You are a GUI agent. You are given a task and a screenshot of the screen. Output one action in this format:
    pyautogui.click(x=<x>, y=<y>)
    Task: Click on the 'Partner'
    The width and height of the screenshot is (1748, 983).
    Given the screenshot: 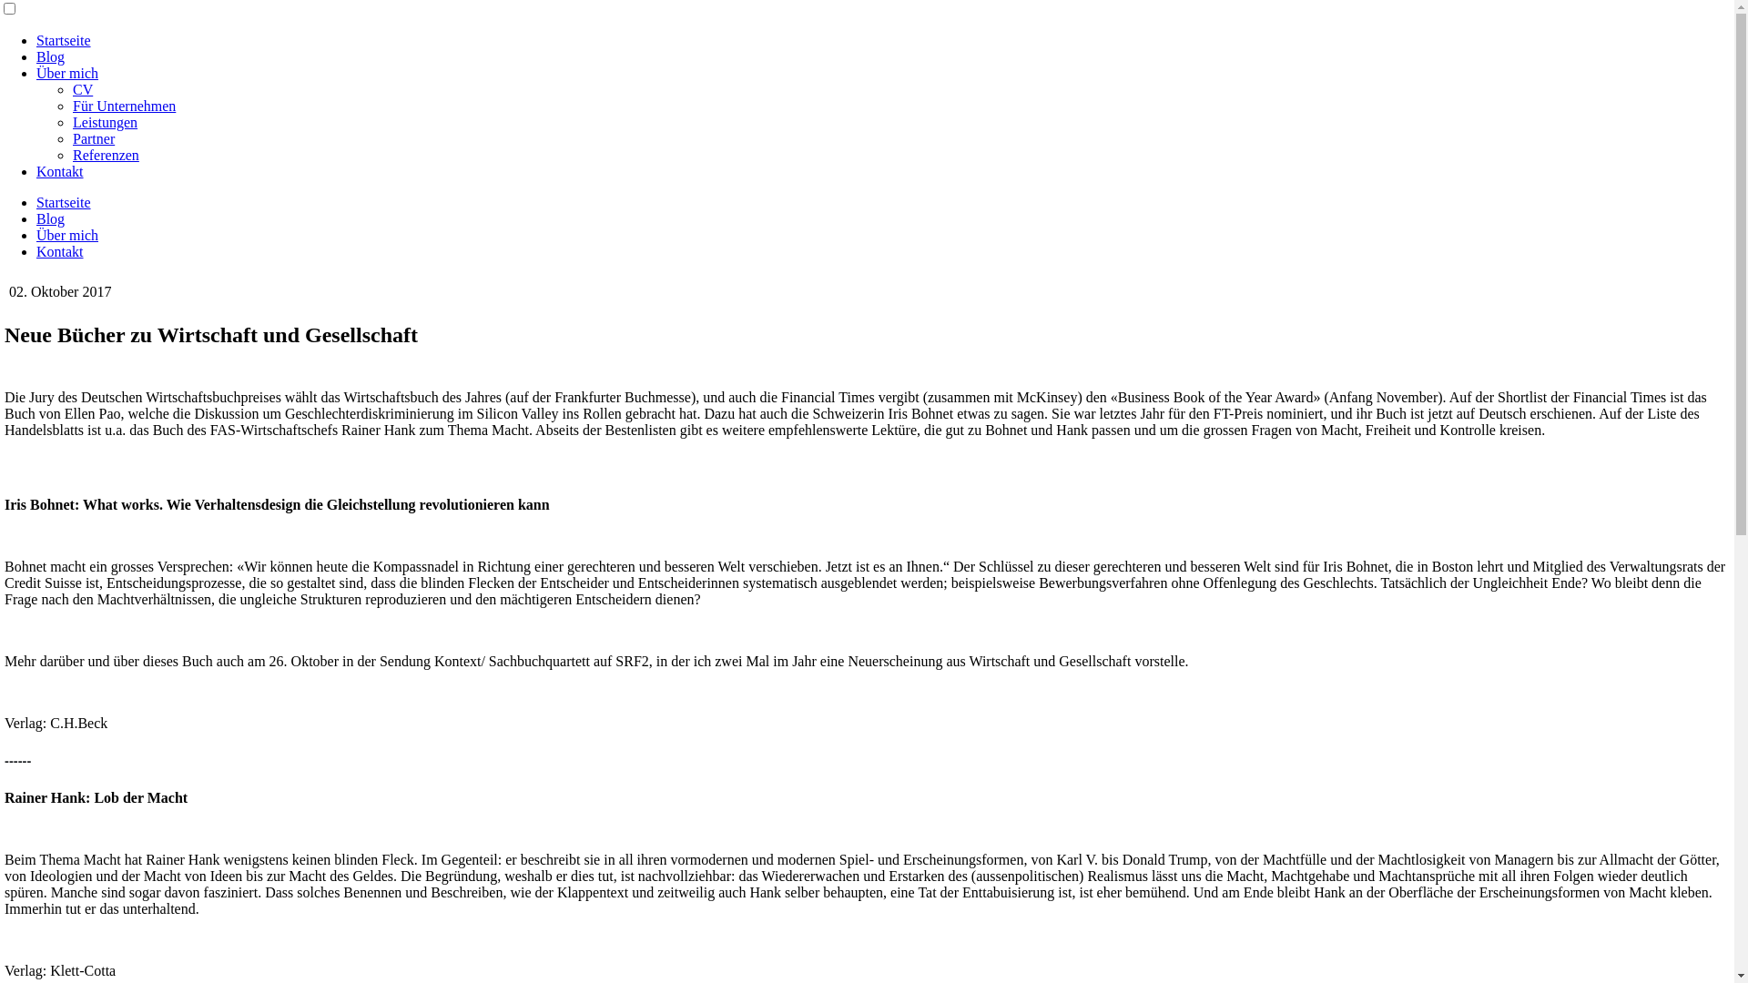 What is the action you would take?
    pyautogui.click(x=92, y=137)
    